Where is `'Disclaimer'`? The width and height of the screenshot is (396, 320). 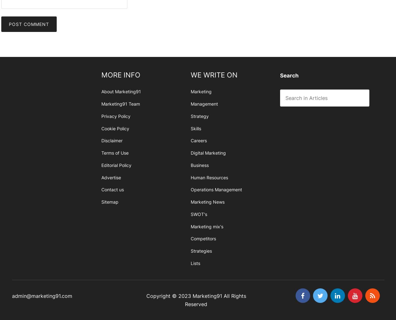
'Disclaimer' is located at coordinates (111, 140).